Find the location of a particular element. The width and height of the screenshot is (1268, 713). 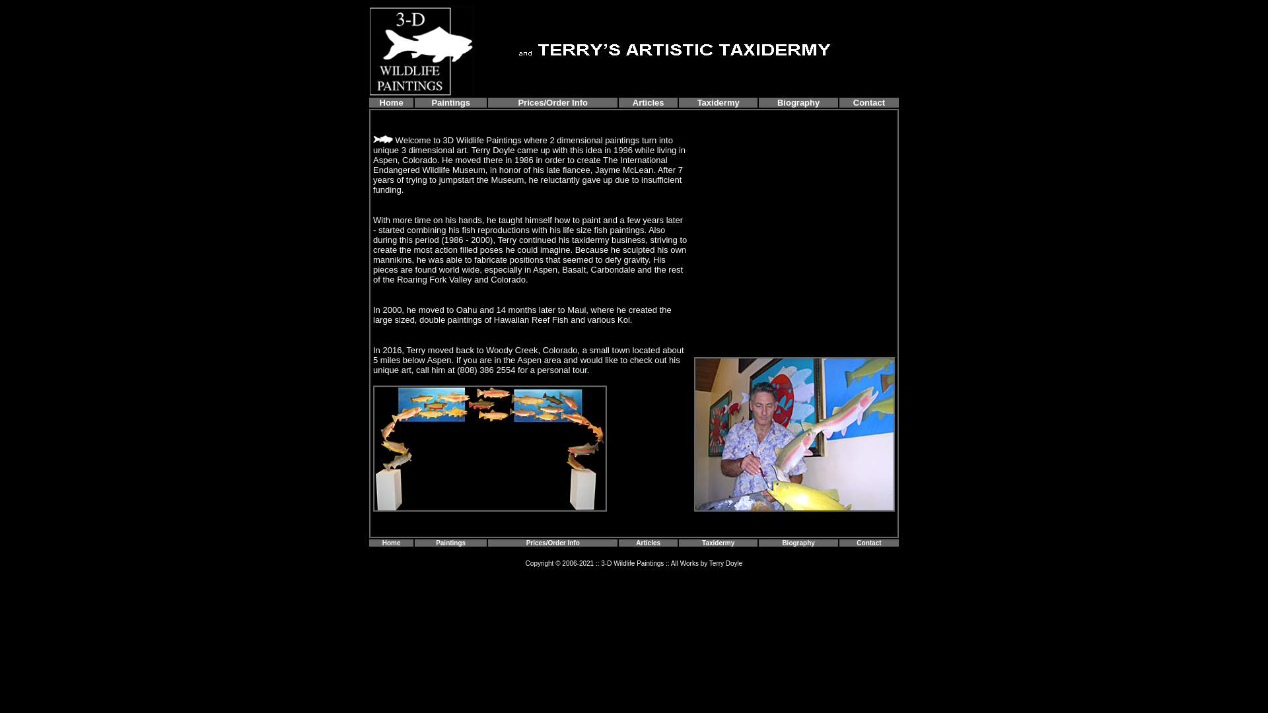

'Home' is located at coordinates (382, 541).